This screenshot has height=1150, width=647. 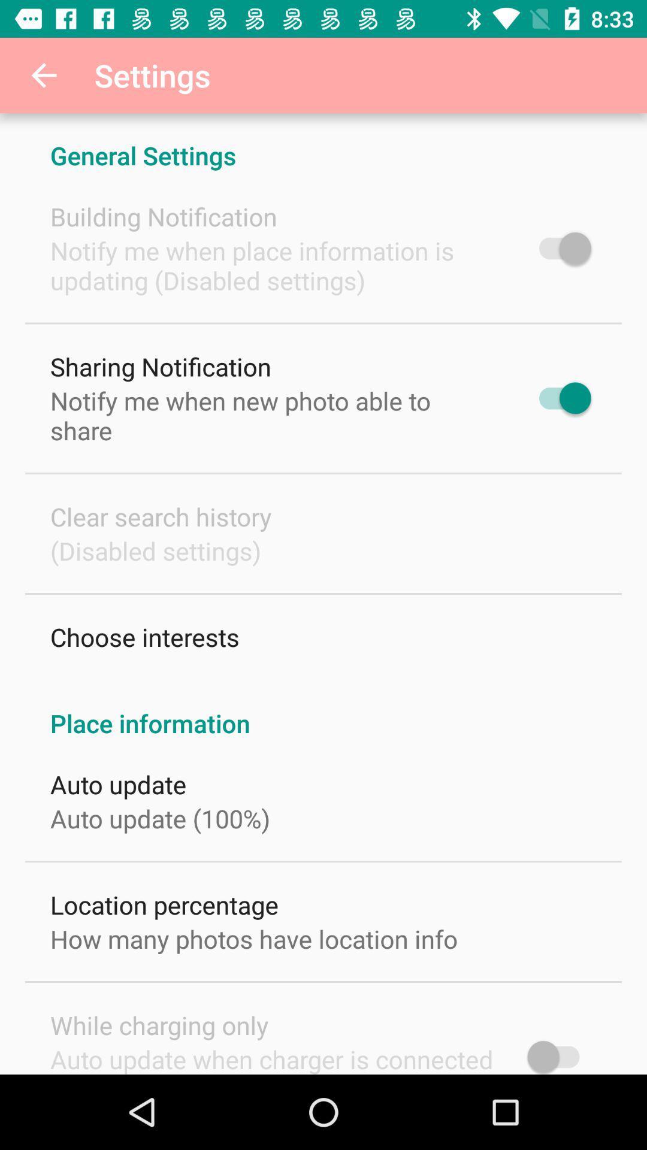 I want to click on item above the notify me when icon, so click(x=164, y=216).